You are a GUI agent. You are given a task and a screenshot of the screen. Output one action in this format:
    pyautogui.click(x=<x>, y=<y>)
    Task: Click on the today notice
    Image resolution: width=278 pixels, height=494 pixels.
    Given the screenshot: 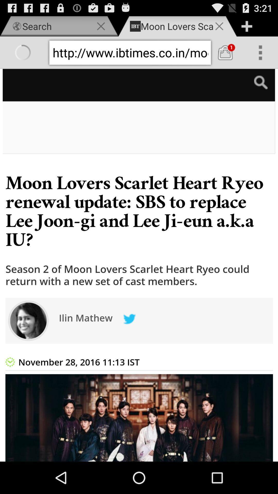 What is the action you would take?
    pyautogui.click(x=139, y=265)
    